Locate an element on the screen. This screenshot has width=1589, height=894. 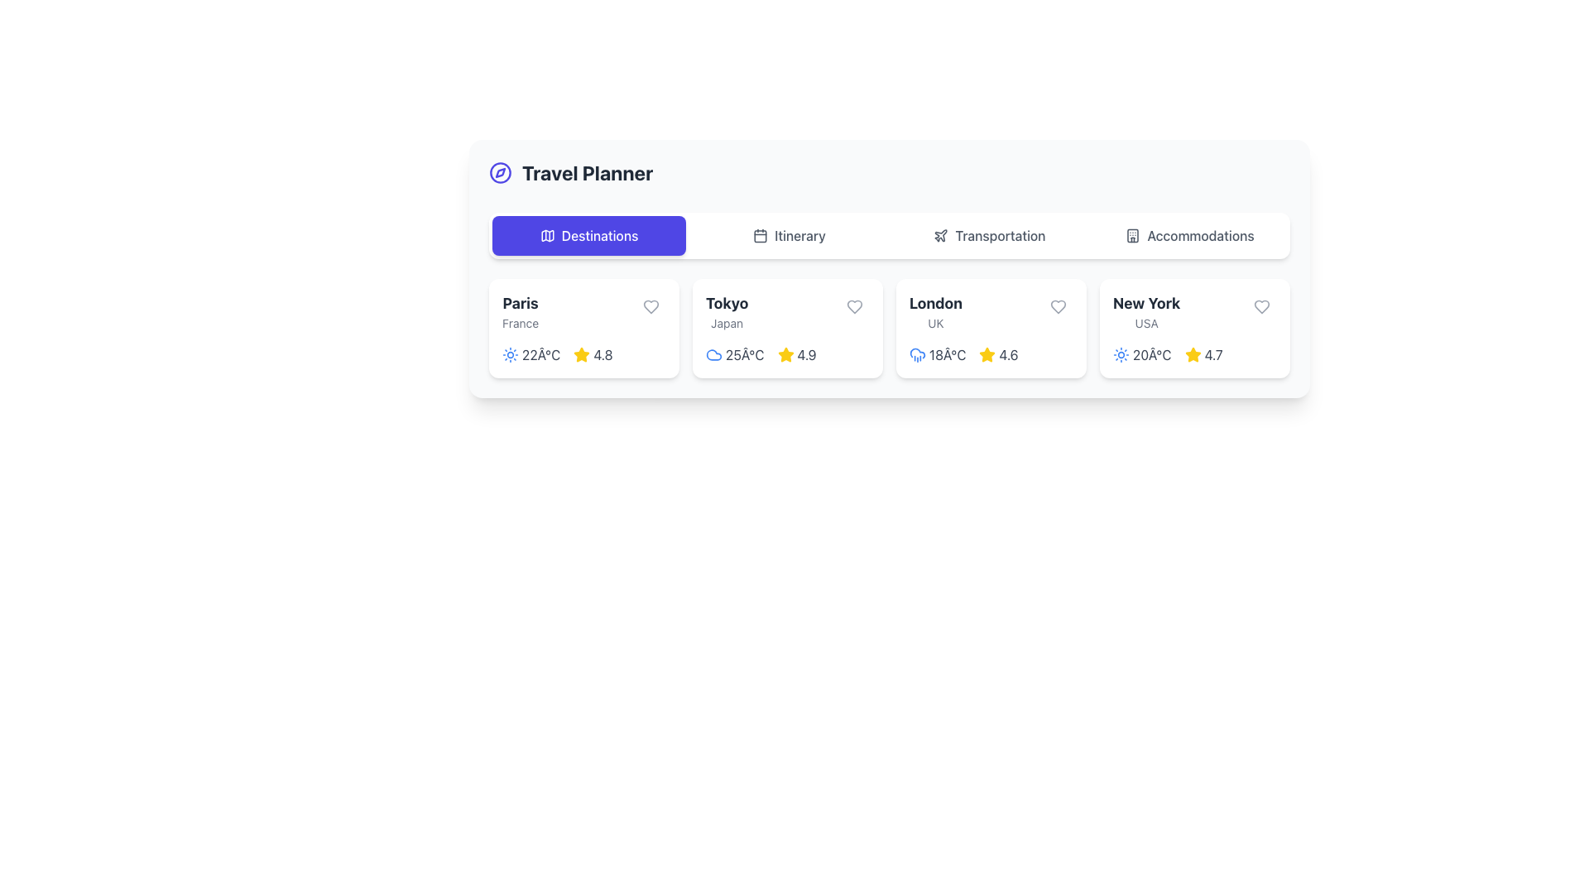
the text label displaying 'UK' in a small, gray font, located directly below the larger text 'London' in the card representing London is located at coordinates (936, 323).